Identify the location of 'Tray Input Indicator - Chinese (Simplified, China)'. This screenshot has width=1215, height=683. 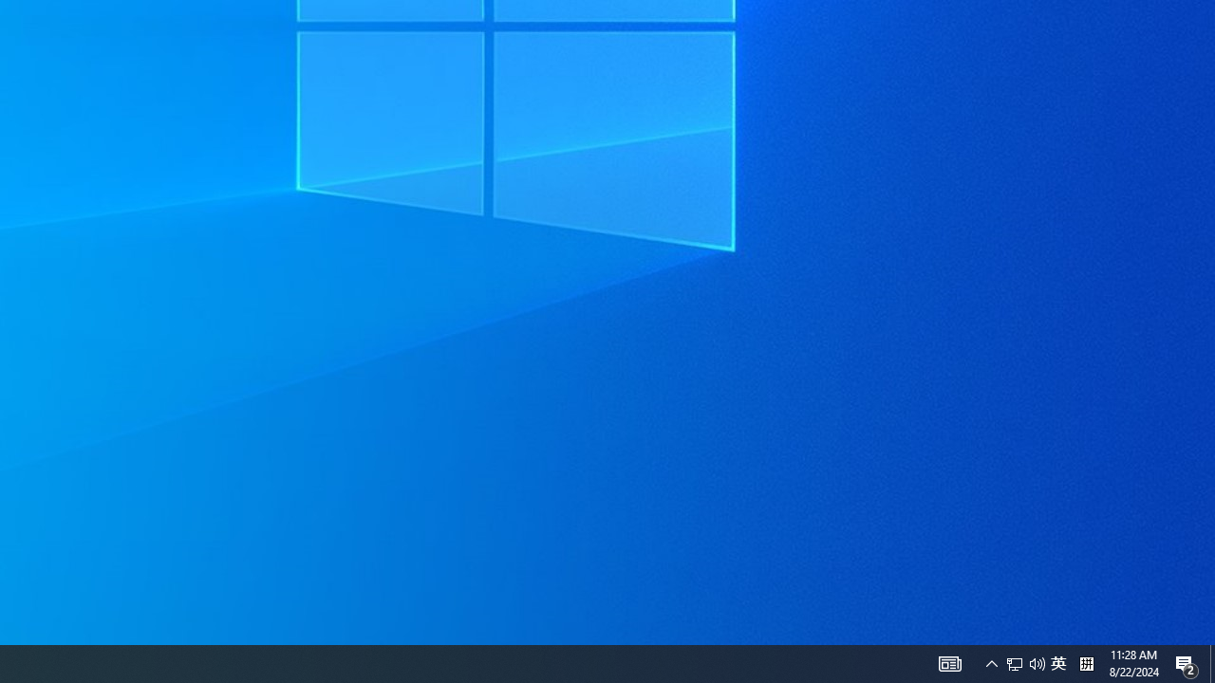
(1037, 662).